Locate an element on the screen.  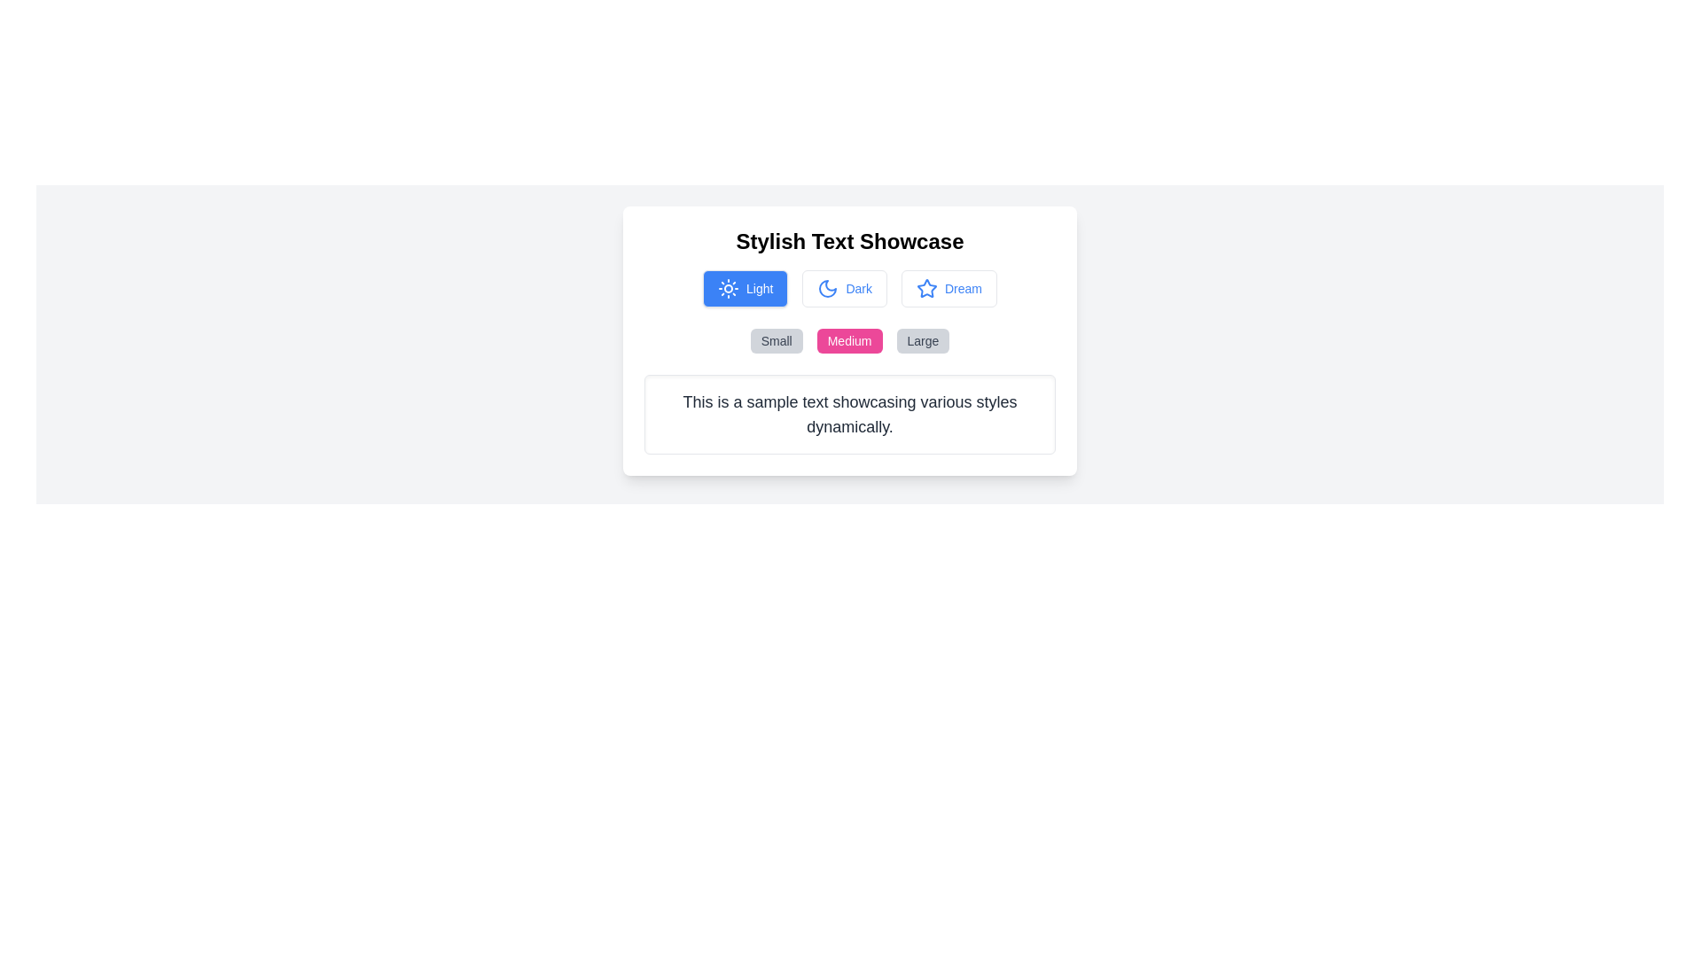
the Decorative Icon, which is a circular icon resembling a sun, located inside the 'Light' button at the top of the interface card is located at coordinates (728, 288).